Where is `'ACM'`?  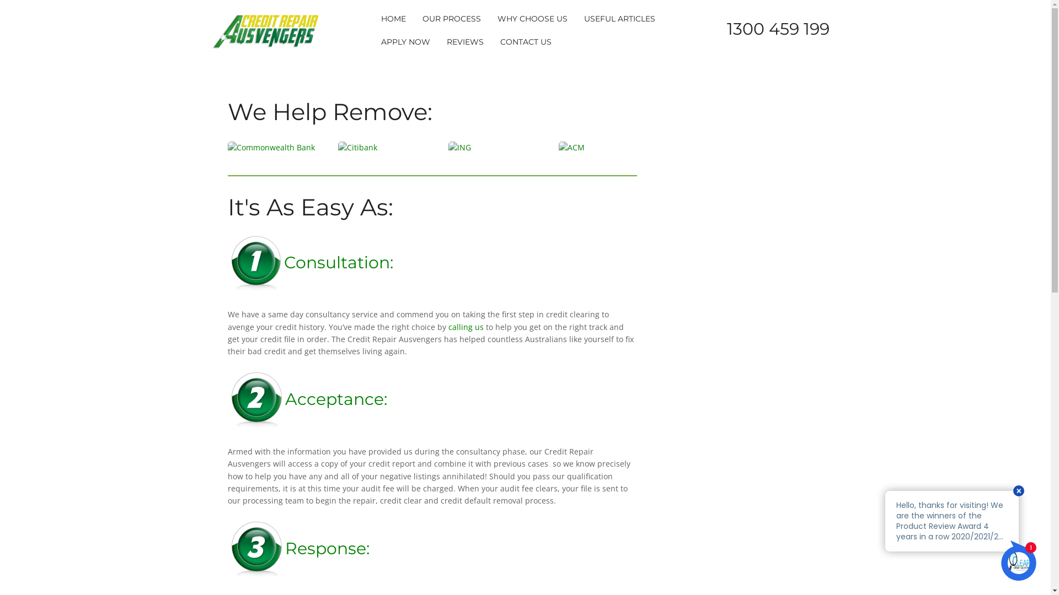
'ACM' is located at coordinates (605, 147).